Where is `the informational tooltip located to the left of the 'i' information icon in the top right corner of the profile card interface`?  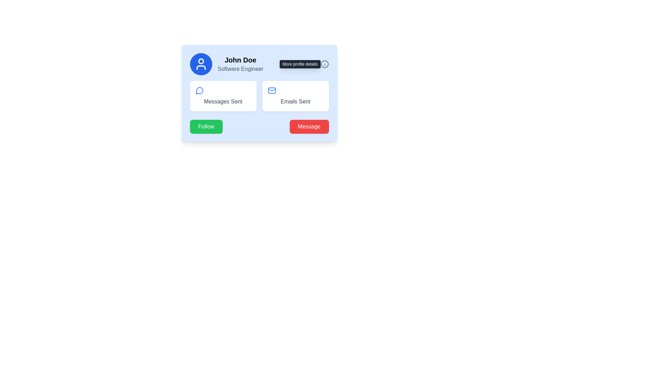
the informational tooltip located to the left of the 'i' information icon in the top right corner of the profile card interface is located at coordinates (300, 64).